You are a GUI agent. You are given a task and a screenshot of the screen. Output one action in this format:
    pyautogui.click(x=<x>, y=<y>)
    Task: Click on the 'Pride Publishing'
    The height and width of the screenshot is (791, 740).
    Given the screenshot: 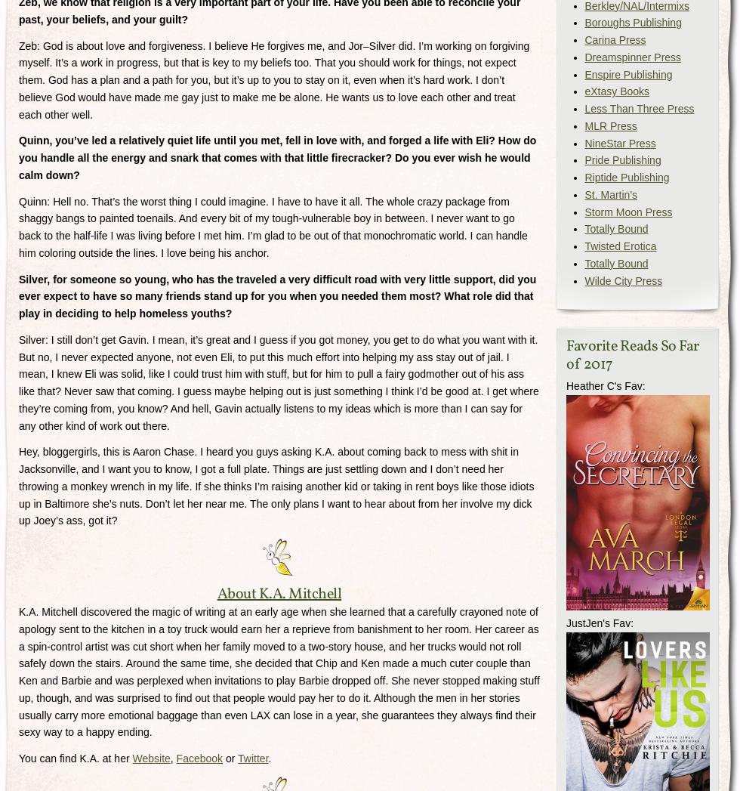 What is the action you would take?
    pyautogui.click(x=622, y=159)
    